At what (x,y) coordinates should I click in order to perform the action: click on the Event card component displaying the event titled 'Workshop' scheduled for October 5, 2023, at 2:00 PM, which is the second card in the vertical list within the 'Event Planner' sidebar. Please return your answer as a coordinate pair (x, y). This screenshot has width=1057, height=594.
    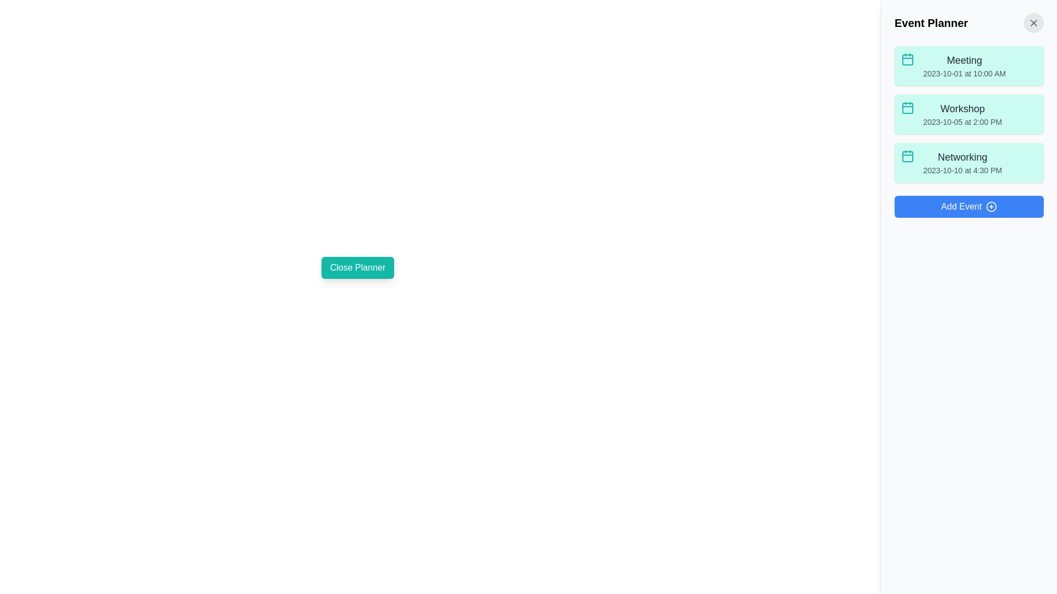
    Looking at the image, I should click on (969, 114).